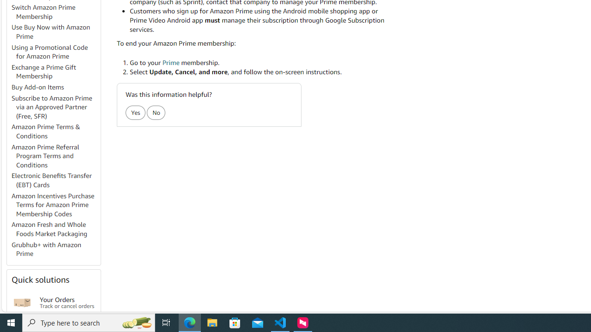 The height and width of the screenshot is (332, 591). What do you see at coordinates (66, 302) in the screenshot?
I see `'Your Orders Track or cancel orders'` at bounding box center [66, 302].